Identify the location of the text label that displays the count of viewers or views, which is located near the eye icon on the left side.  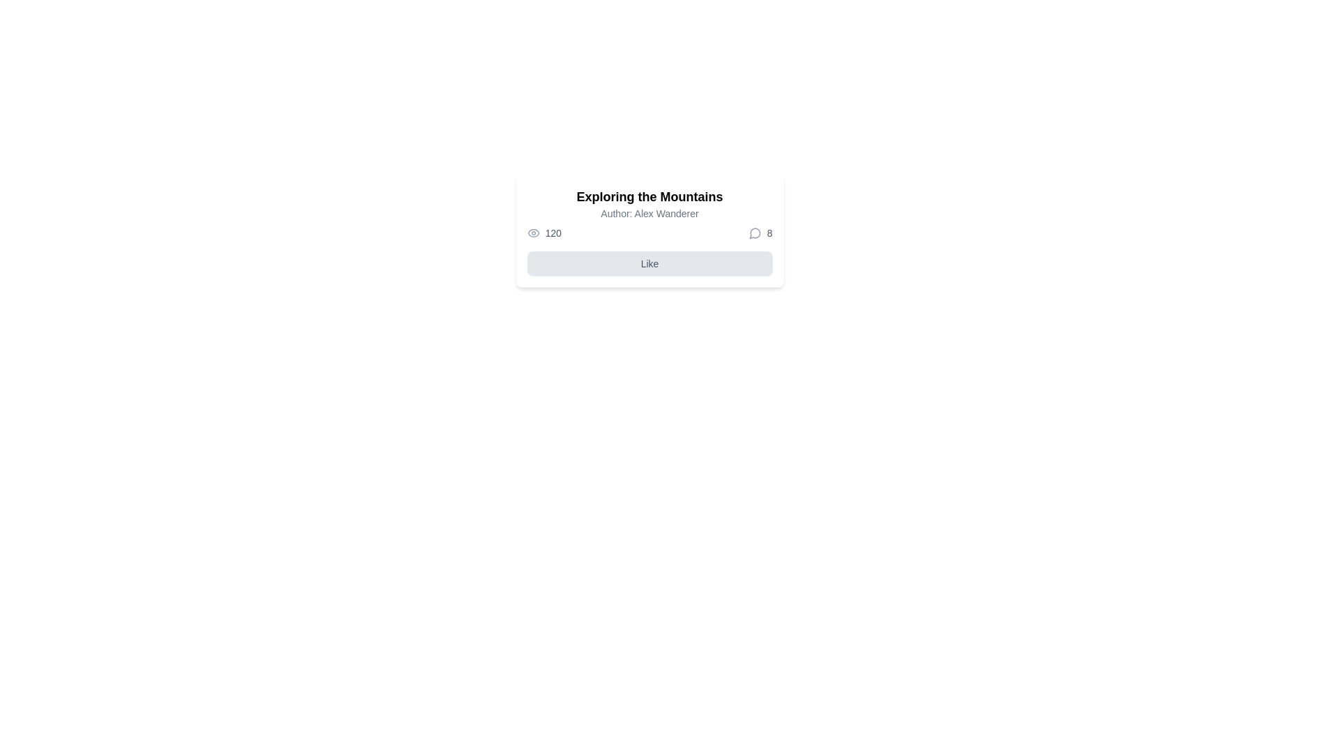
(553, 233).